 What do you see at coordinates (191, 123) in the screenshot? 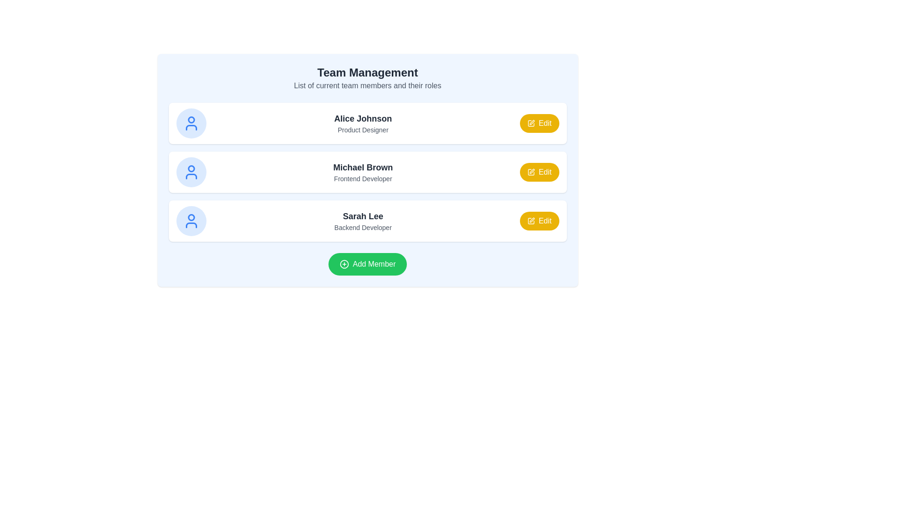
I see `the user avatar icon with a blue outline, positioned at the start of the team members list next to 'Alice Johnson', a Product Designer` at bounding box center [191, 123].